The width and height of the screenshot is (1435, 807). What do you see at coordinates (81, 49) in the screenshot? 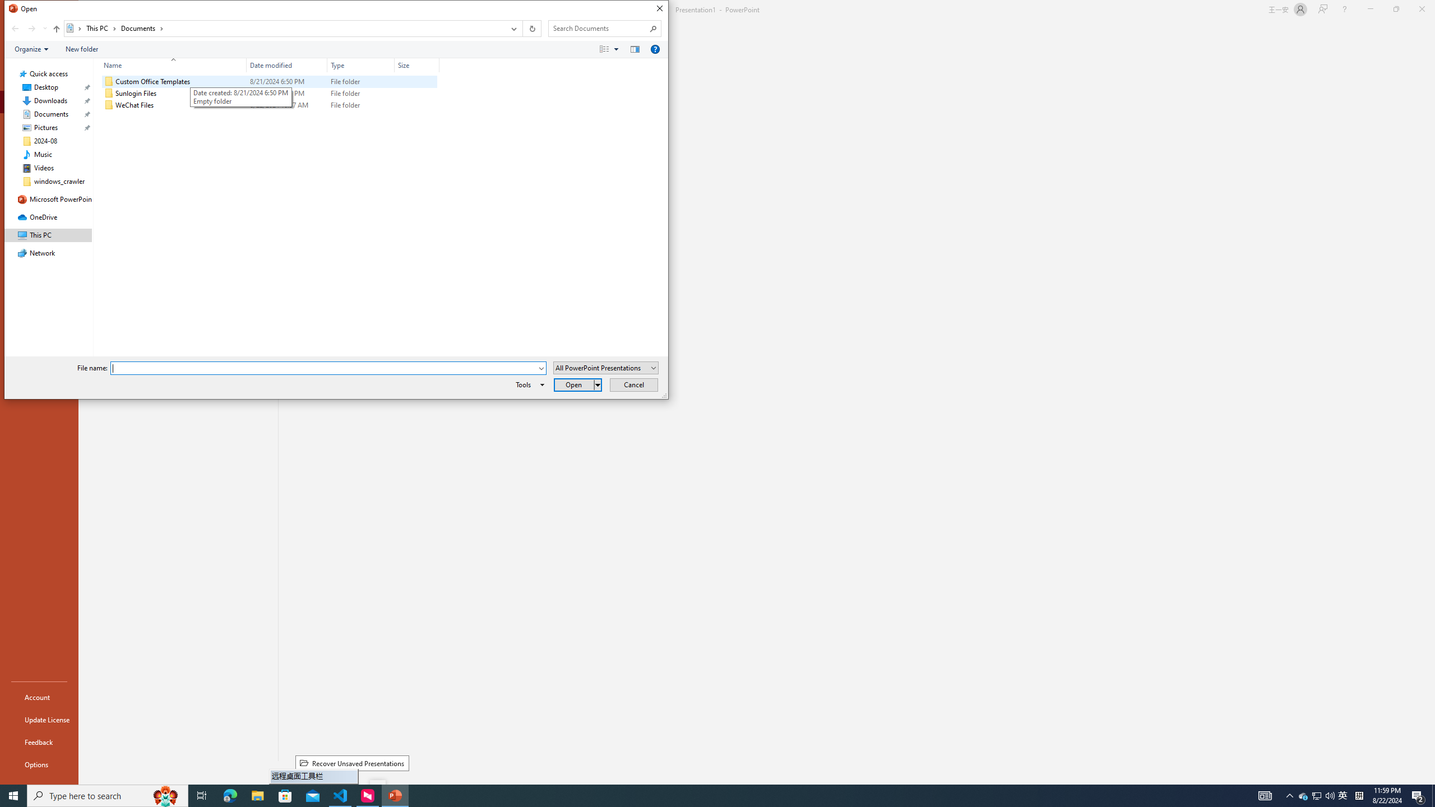
I see `'New folder'` at bounding box center [81, 49].